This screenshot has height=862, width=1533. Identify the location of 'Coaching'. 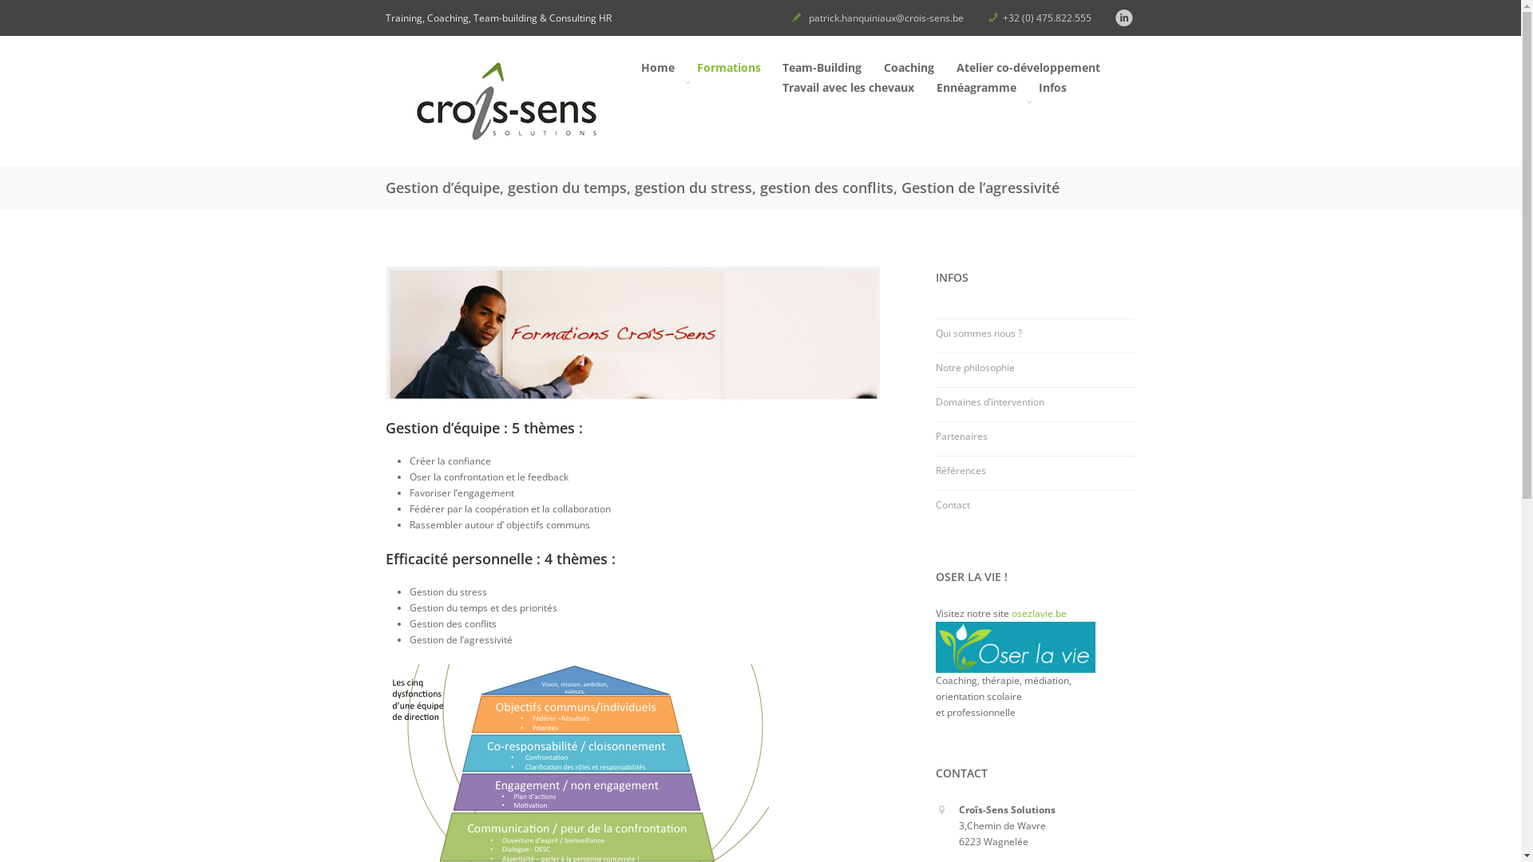
(908, 69).